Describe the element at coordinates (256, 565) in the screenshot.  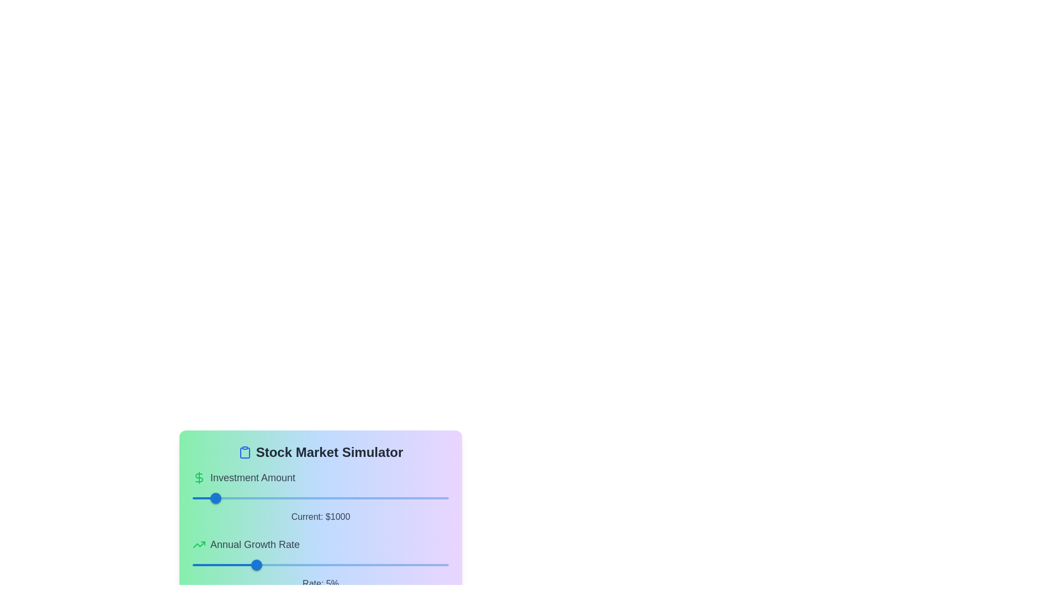
I see `the slider value` at that location.